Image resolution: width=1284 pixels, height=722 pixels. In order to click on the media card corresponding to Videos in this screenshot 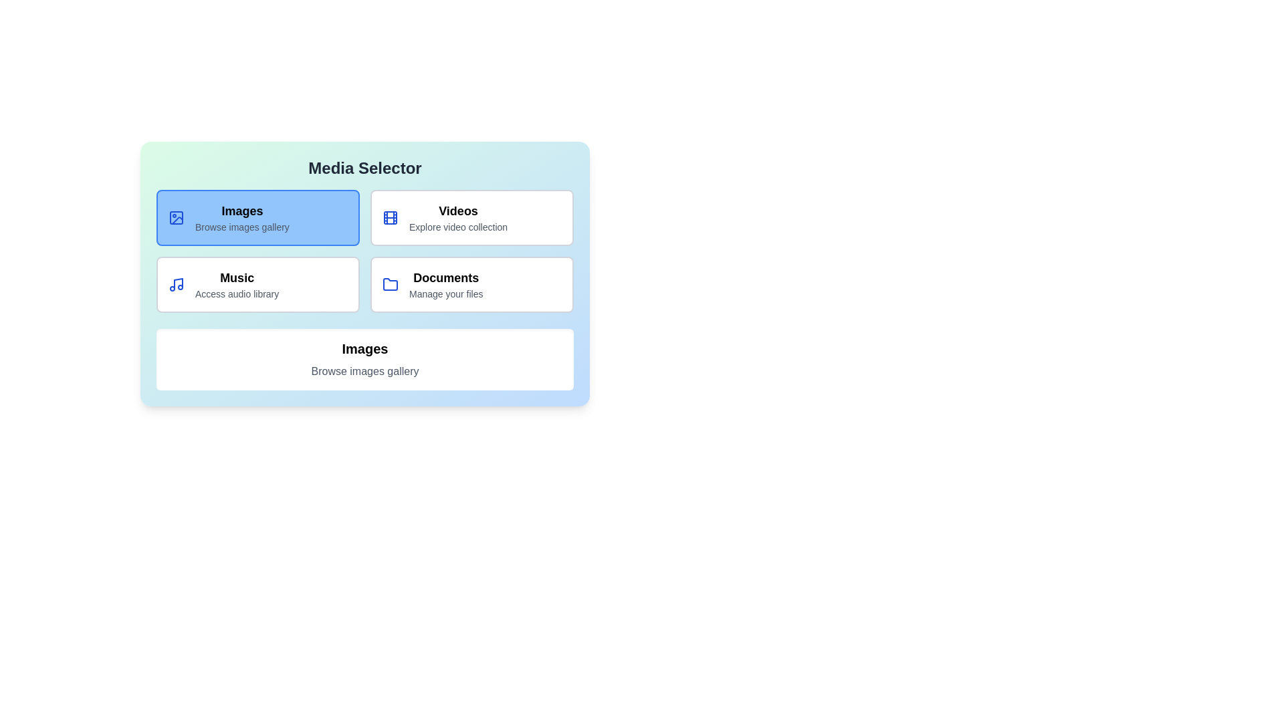, I will do `click(471, 217)`.